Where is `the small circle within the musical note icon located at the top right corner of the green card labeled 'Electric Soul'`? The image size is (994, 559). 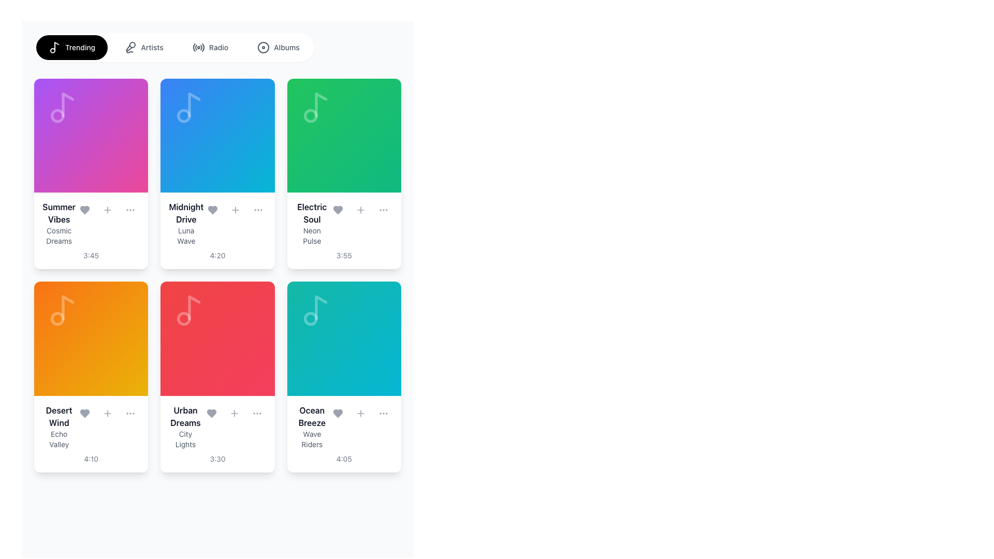 the small circle within the musical note icon located at the top right corner of the green card labeled 'Electric Soul' is located at coordinates (310, 115).